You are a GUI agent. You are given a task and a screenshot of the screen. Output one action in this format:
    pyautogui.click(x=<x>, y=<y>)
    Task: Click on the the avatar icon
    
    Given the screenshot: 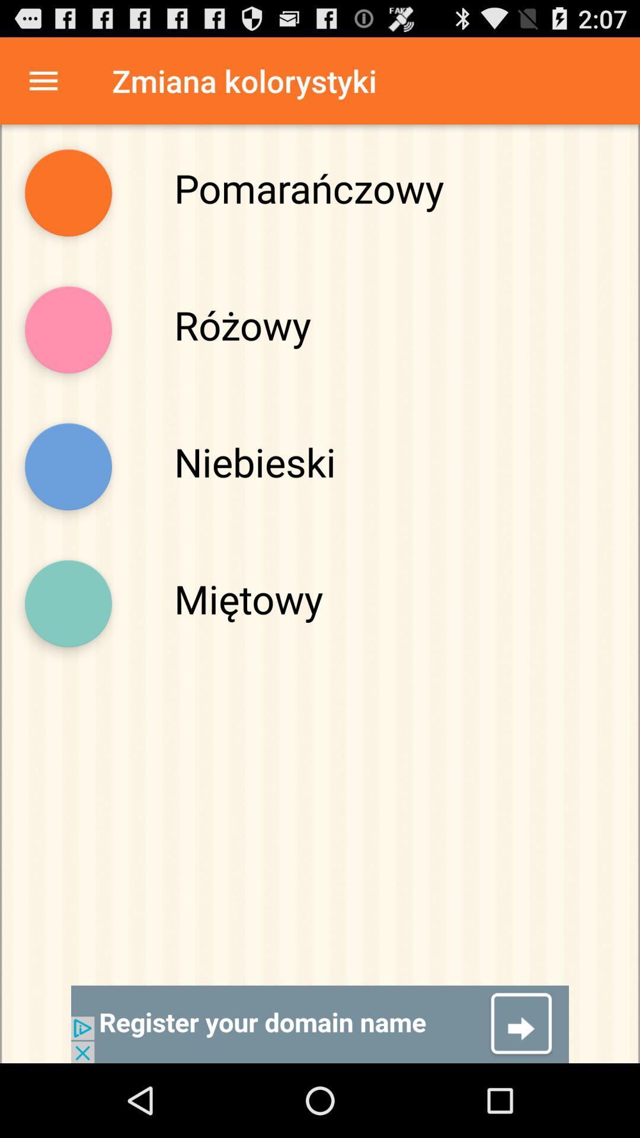 What is the action you would take?
    pyautogui.click(x=68, y=352)
    